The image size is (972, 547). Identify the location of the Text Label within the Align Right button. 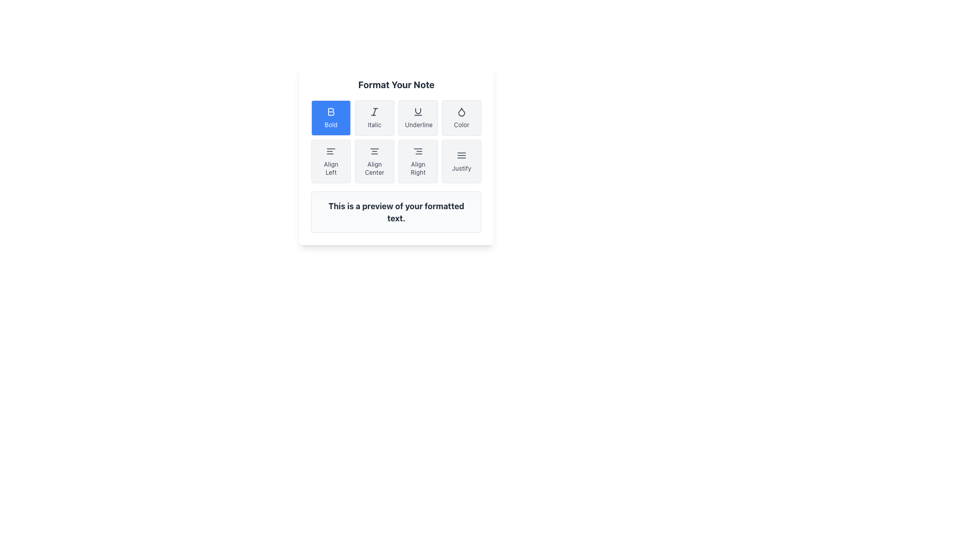
(418, 168).